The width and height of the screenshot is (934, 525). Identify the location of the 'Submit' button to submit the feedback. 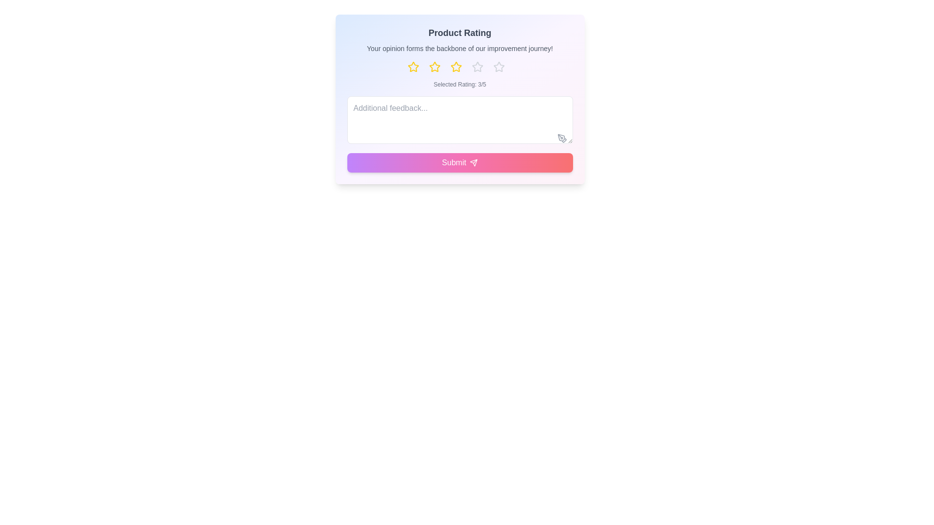
(459, 162).